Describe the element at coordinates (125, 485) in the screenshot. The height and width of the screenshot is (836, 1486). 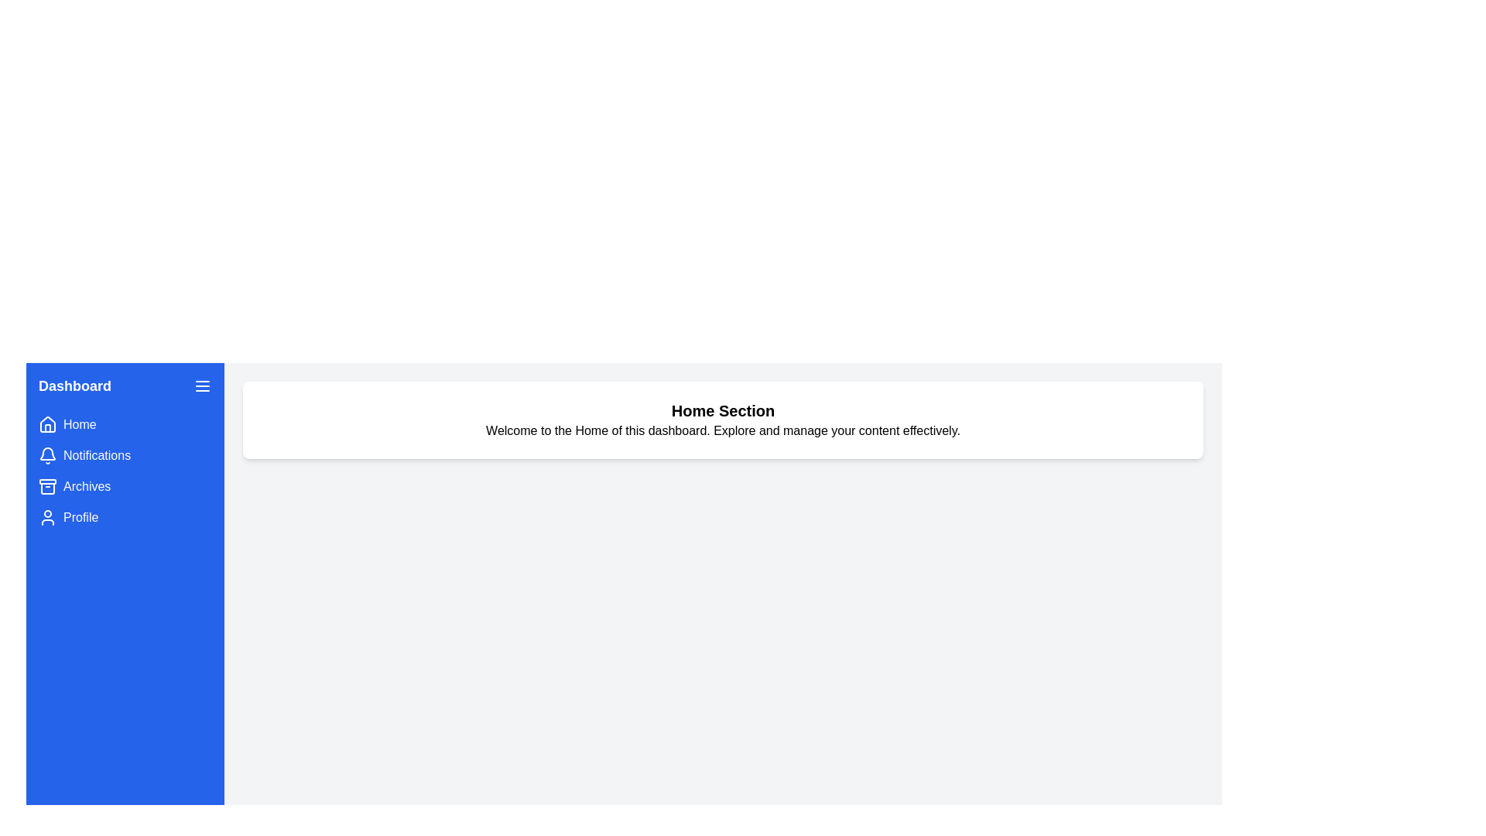
I see `the 'Archives' navigation link element in the vertical menu` at that location.